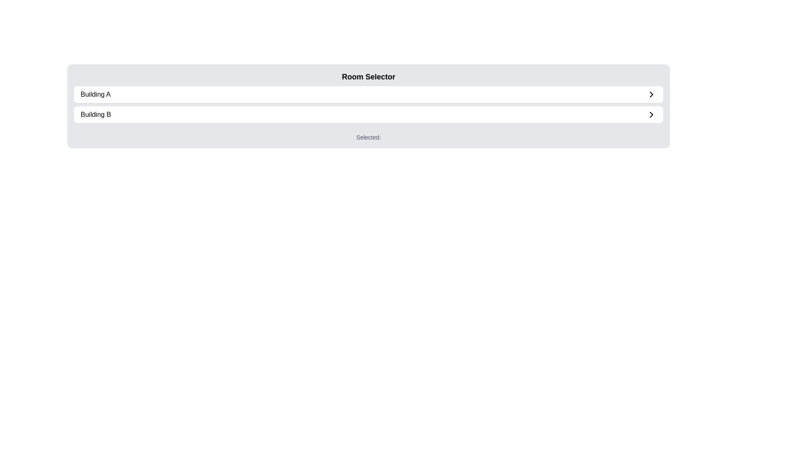 This screenshot has width=807, height=454. Describe the element at coordinates (651, 115) in the screenshot. I see `the right-facing chevron icon located at the end of the 'Building B' row in the Room Selector interface` at that location.